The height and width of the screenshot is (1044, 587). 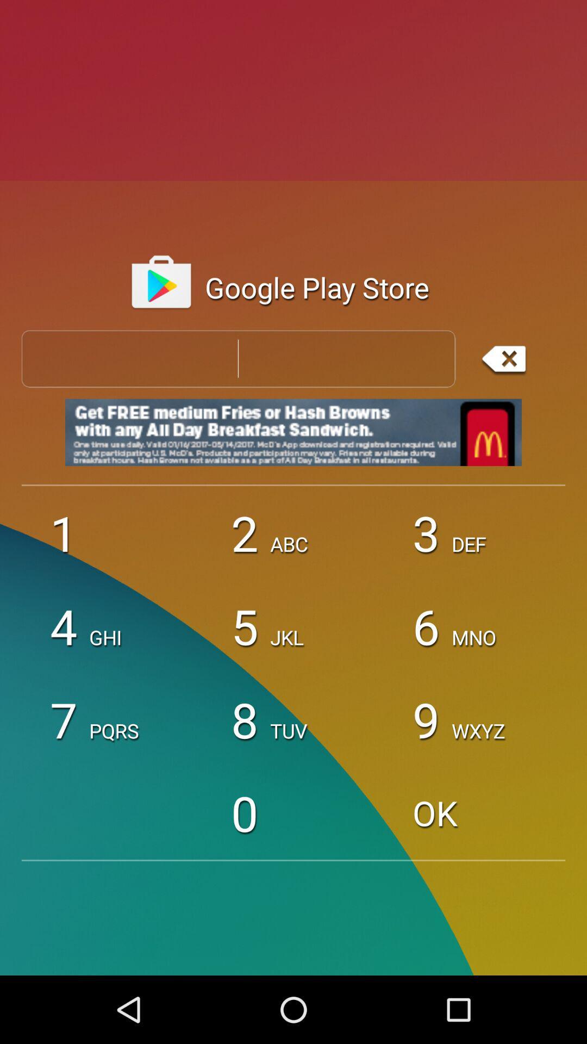 What do you see at coordinates (561, 63) in the screenshot?
I see `the star icon` at bounding box center [561, 63].